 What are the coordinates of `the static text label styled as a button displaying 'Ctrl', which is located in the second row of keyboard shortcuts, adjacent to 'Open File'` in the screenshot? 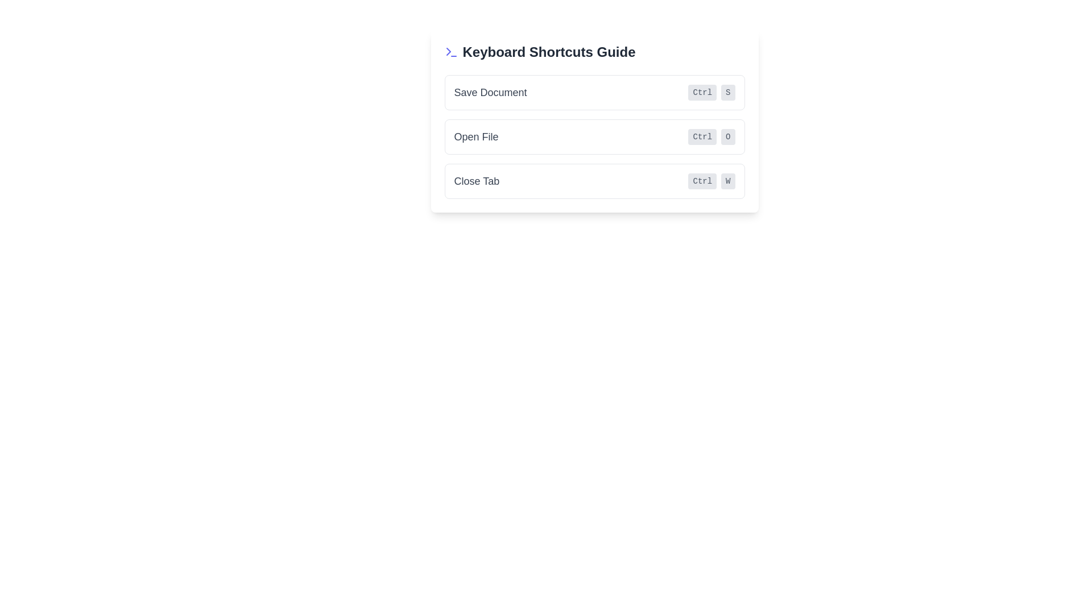 It's located at (702, 136).